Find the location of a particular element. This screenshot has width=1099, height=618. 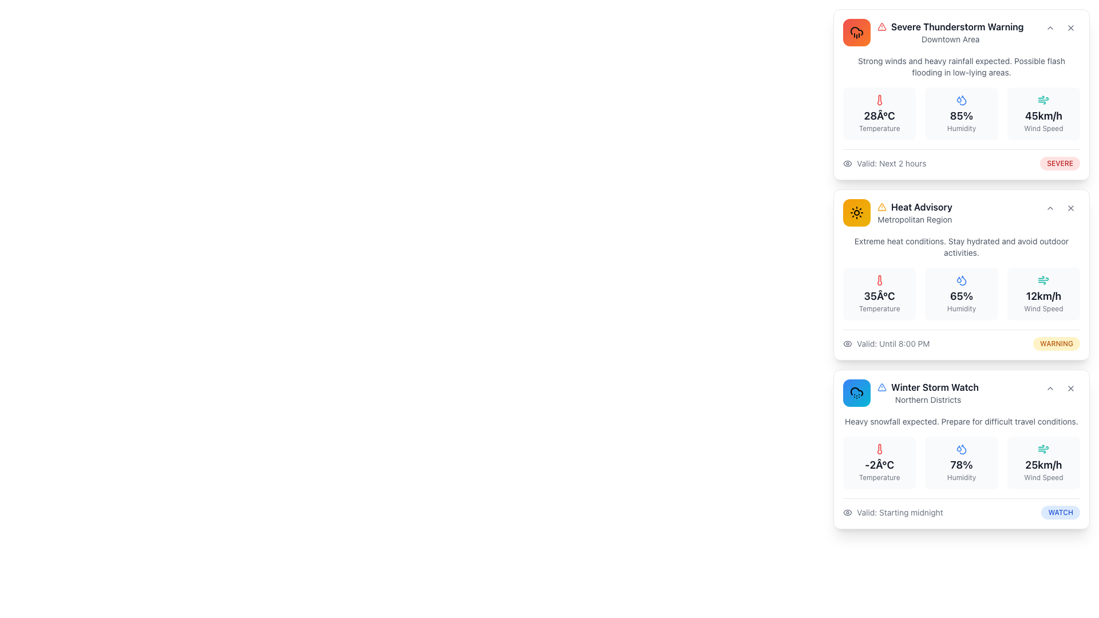

the text label that describes the temperature value displayed above it, which is positioned within a weather information card, below the temperature indicator (28°C) and to the left of humidity and wind speed metrics is located at coordinates (879, 128).